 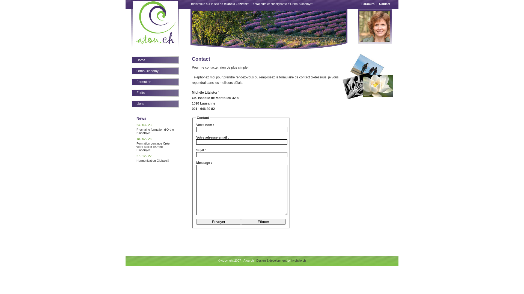 I want to click on 'Liens', so click(x=155, y=104).